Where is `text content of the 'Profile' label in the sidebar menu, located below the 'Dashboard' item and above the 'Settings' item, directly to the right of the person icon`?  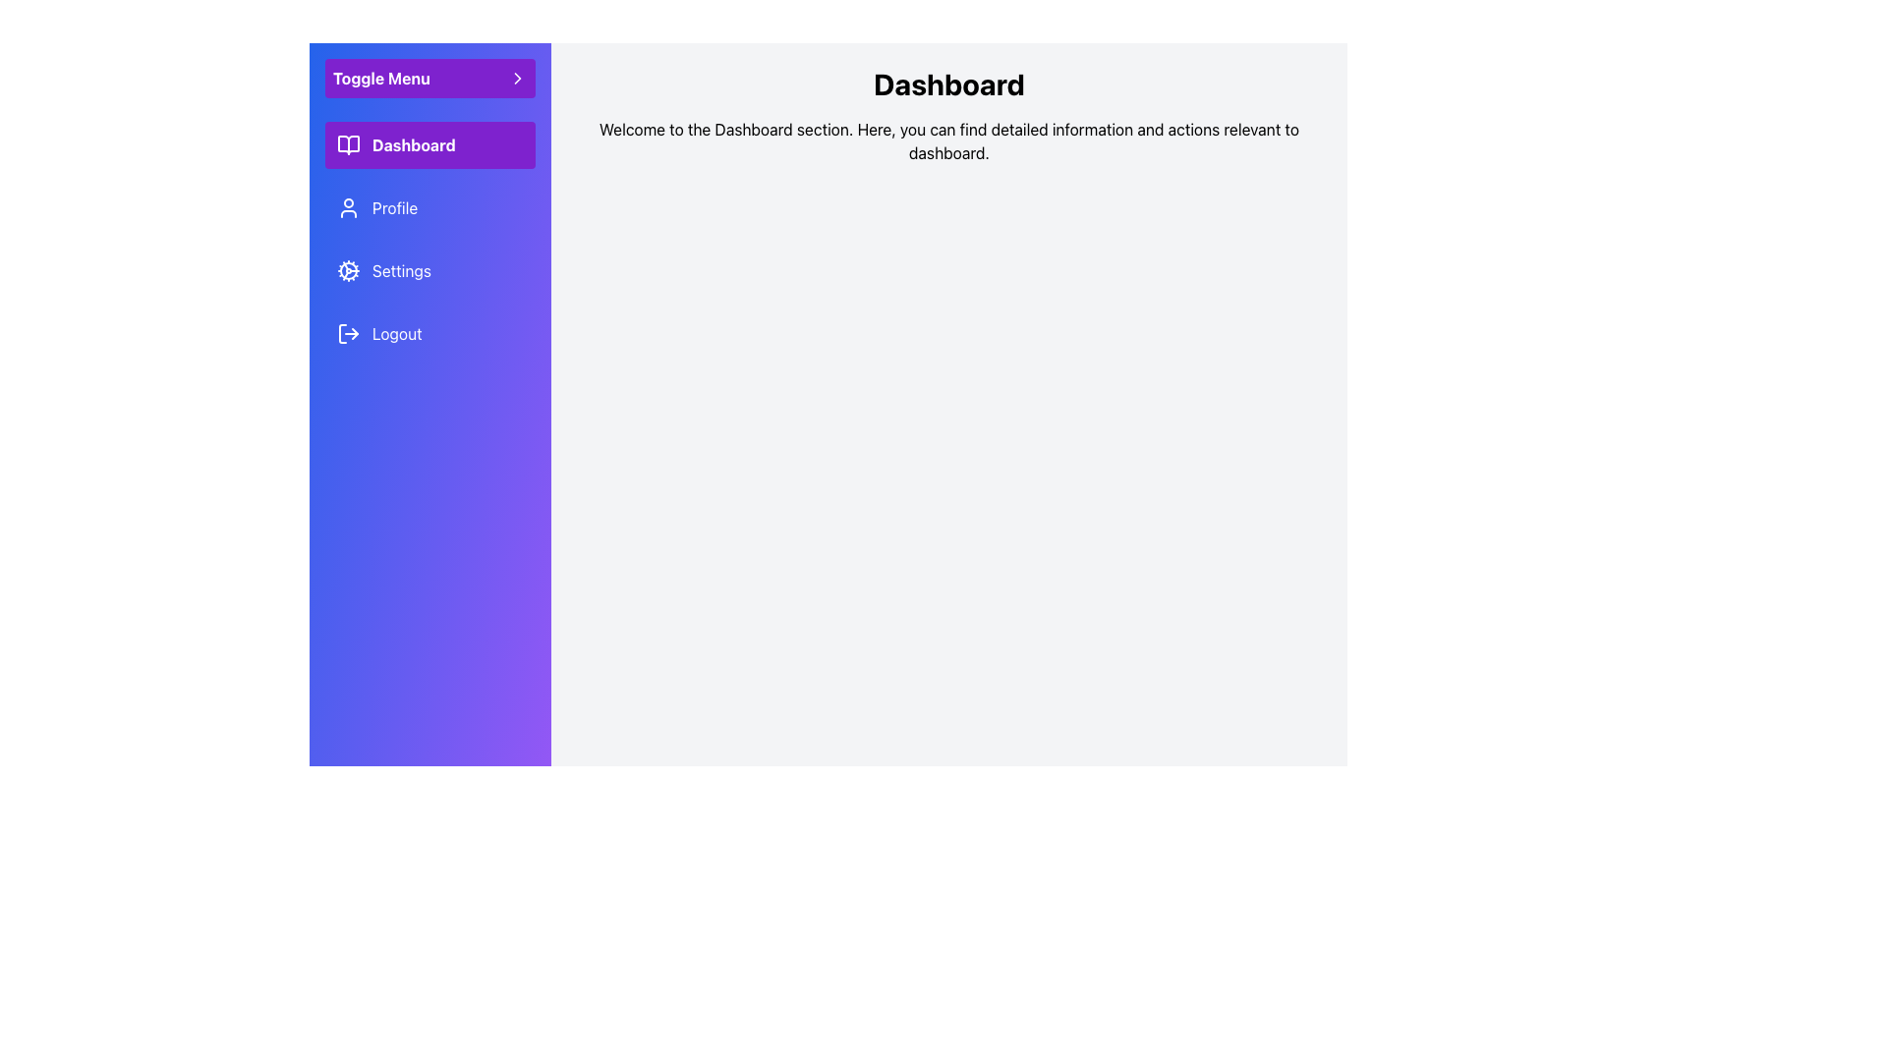 text content of the 'Profile' label in the sidebar menu, located below the 'Dashboard' item and above the 'Settings' item, directly to the right of the person icon is located at coordinates (394, 208).